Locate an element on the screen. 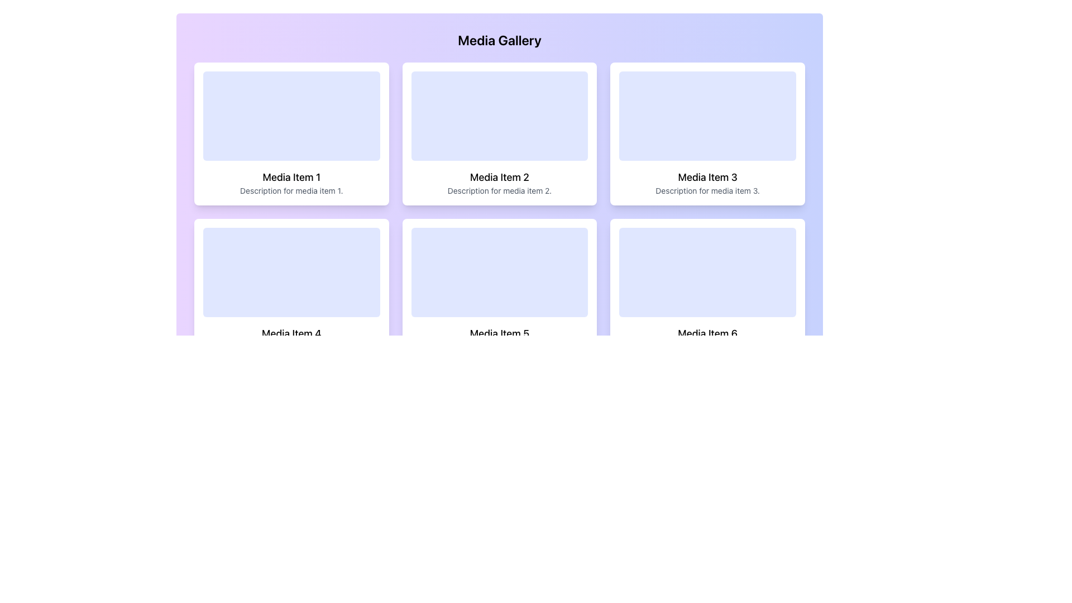 This screenshot has width=1072, height=603. the text label that serves as a title for the media card located in the top-left card of the grid layout, positioned below the image placeholder and above a smaller text description is located at coordinates (291, 176).